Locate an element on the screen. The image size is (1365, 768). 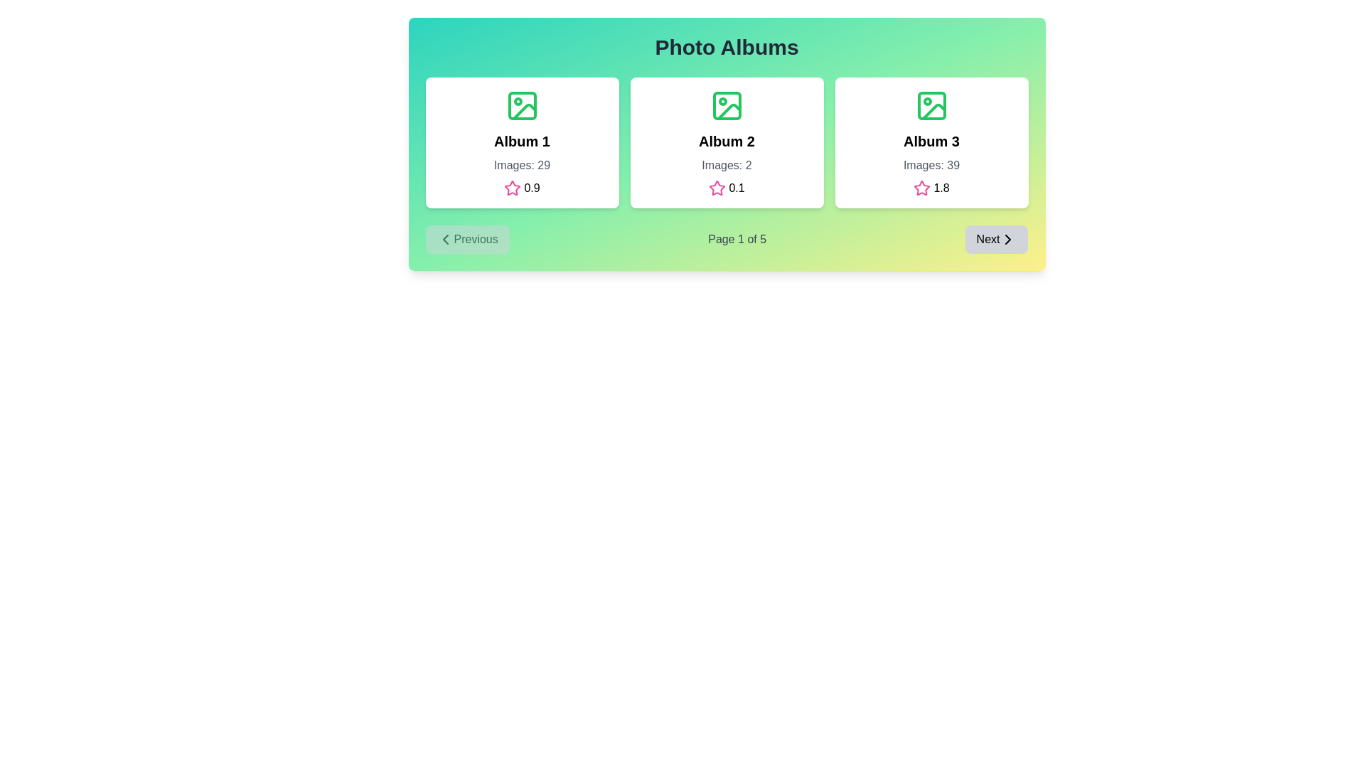
the green rectangular icon with rounded corners located within the 'Album 3' card is located at coordinates (931, 105).